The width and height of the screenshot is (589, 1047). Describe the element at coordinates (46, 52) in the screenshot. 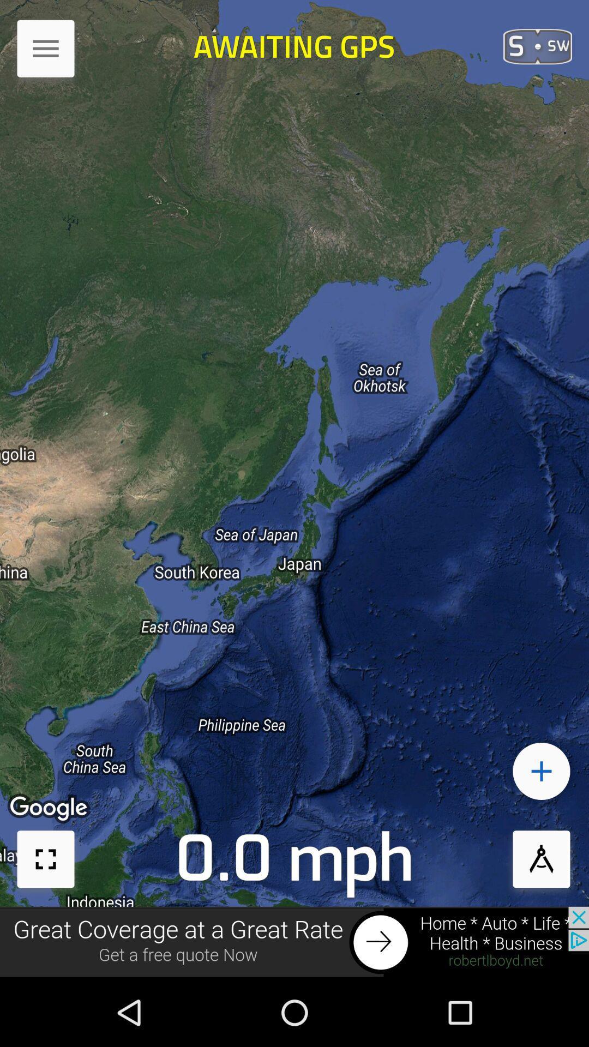

I see `the menu icon` at that location.